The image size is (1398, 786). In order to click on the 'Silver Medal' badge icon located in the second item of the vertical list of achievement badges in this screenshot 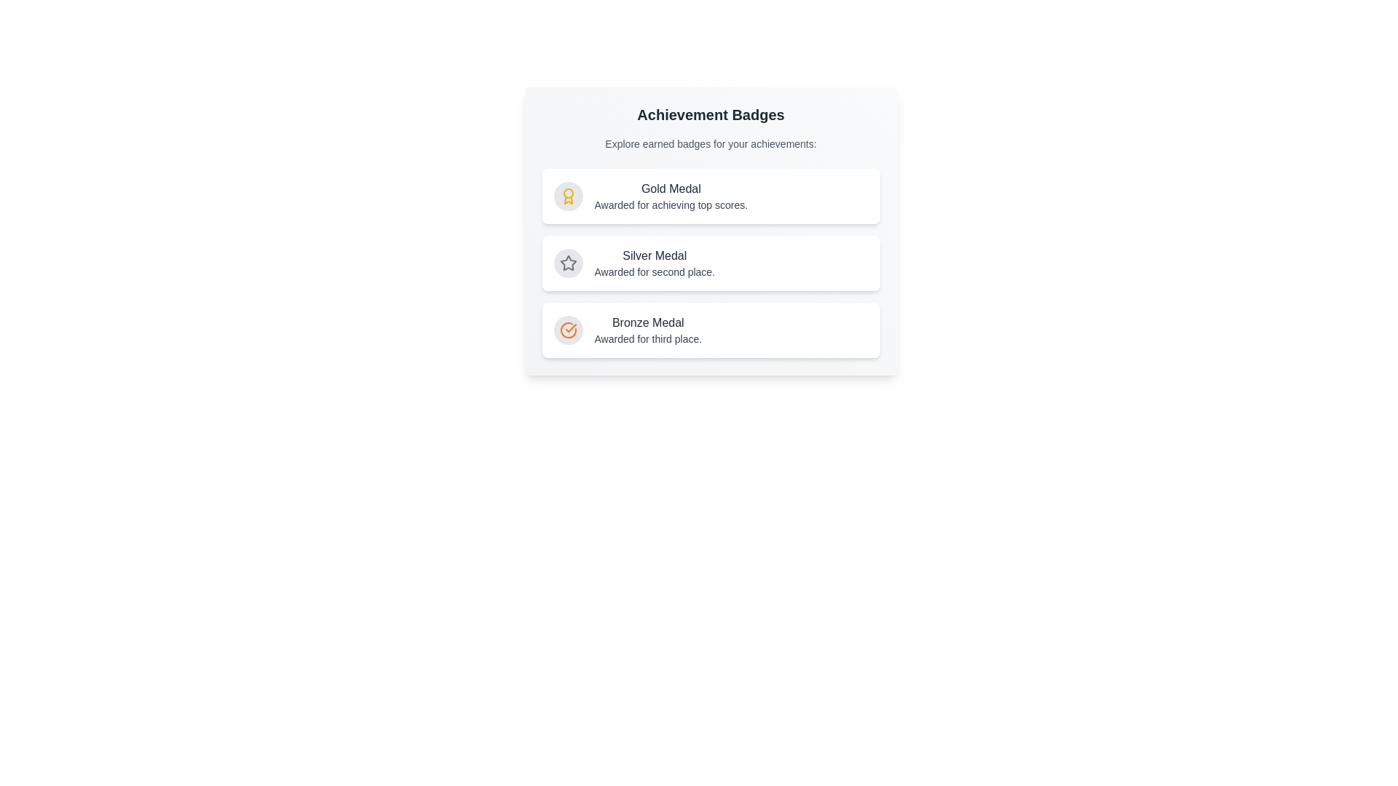, I will do `click(567, 263)`.